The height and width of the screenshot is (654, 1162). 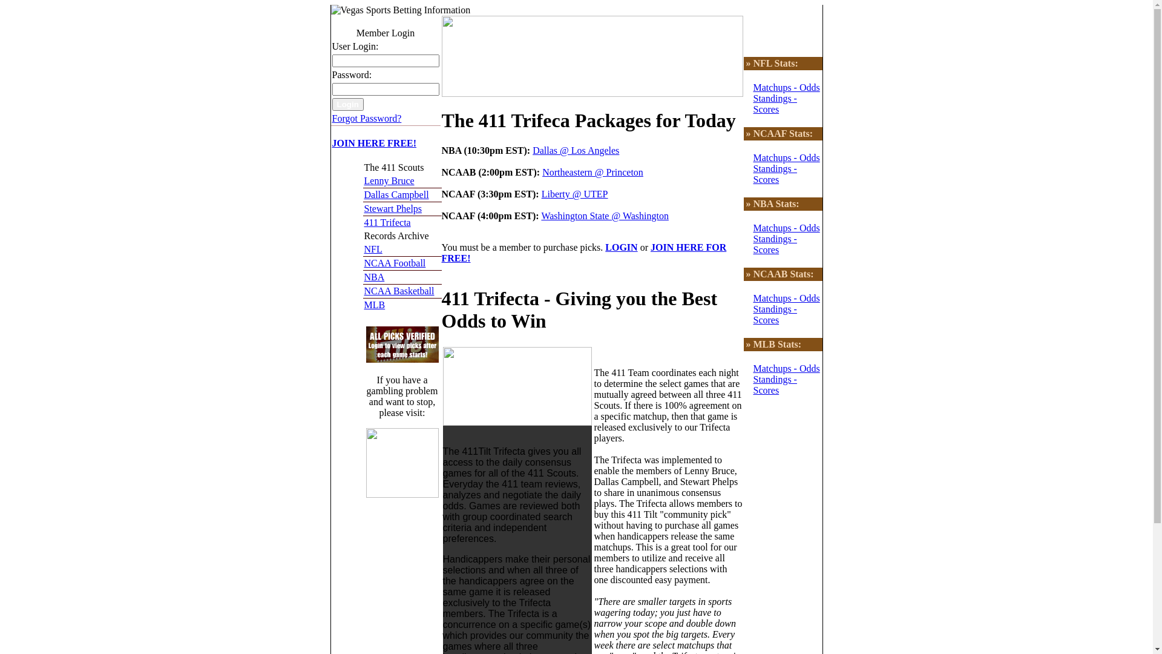 What do you see at coordinates (373, 248) in the screenshot?
I see `'NFL'` at bounding box center [373, 248].